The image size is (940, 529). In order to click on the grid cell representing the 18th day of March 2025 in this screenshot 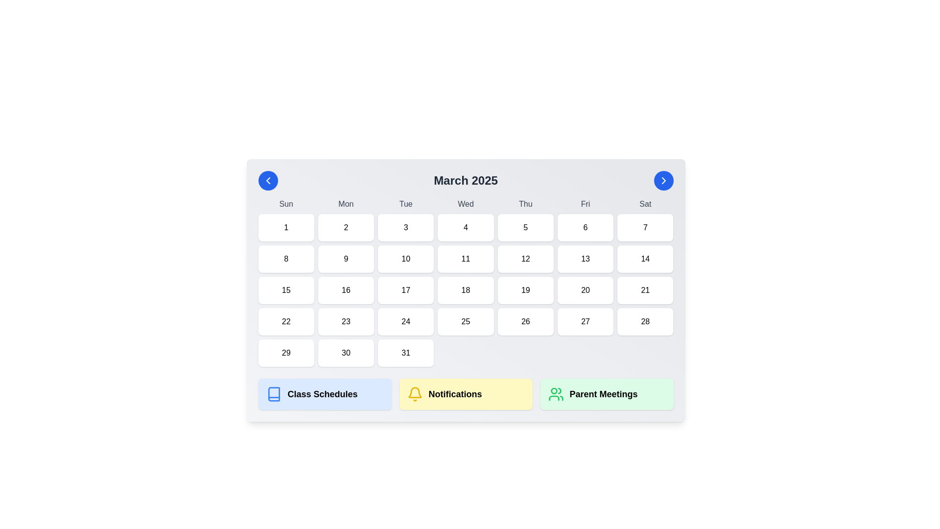, I will do `click(465, 283)`.